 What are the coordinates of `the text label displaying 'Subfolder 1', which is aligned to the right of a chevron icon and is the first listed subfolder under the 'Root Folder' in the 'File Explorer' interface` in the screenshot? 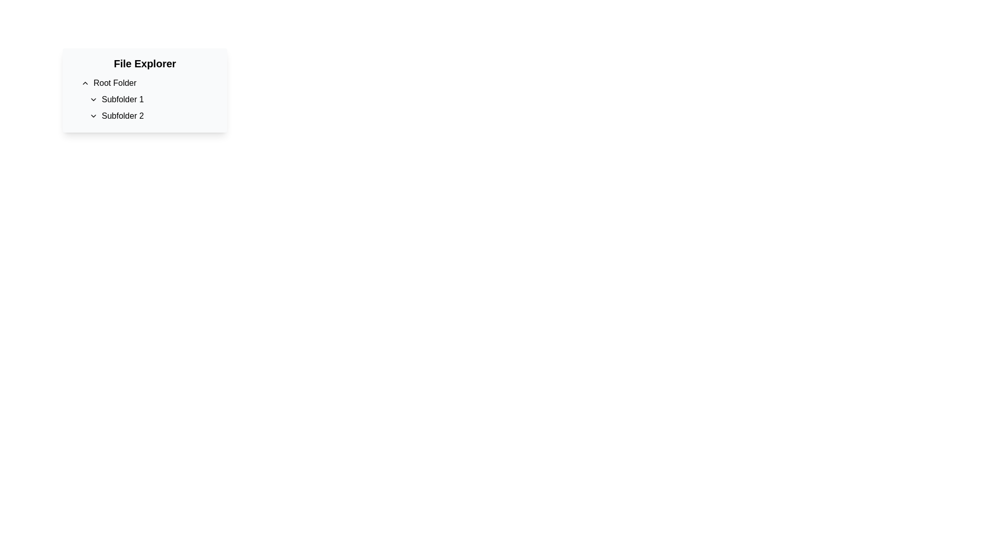 It's located at (122, 99).